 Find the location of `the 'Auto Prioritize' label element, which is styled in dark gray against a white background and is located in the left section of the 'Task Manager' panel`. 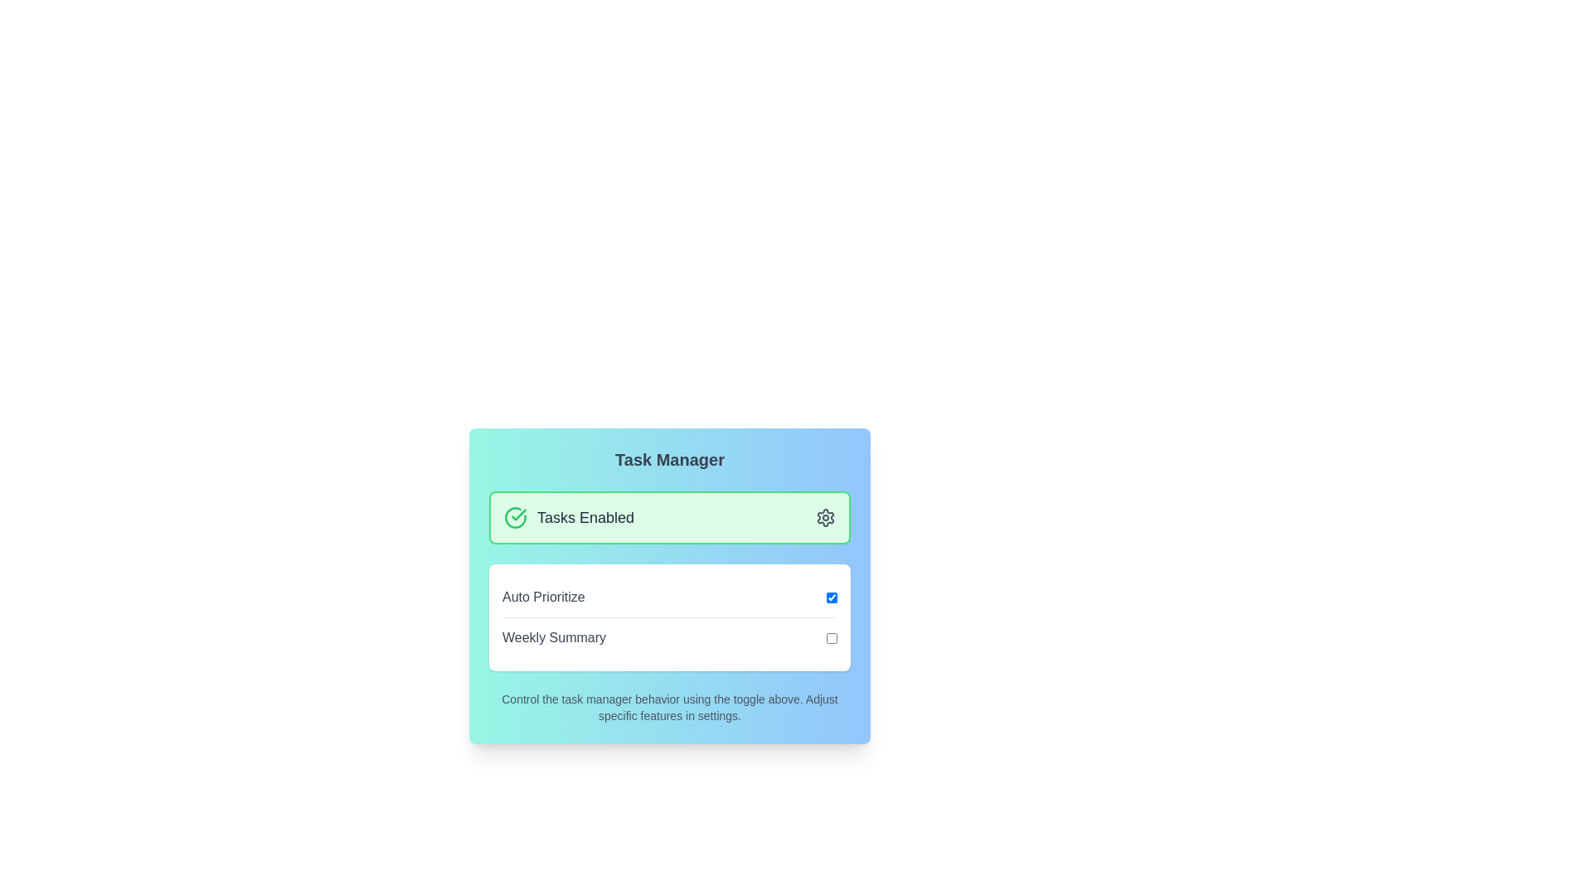

the 'Auto Prioritize' label element, which is styled in dark gray against a white background and is located in the left section of the 'Task Manager' panel is located at coordinates (543, 597).